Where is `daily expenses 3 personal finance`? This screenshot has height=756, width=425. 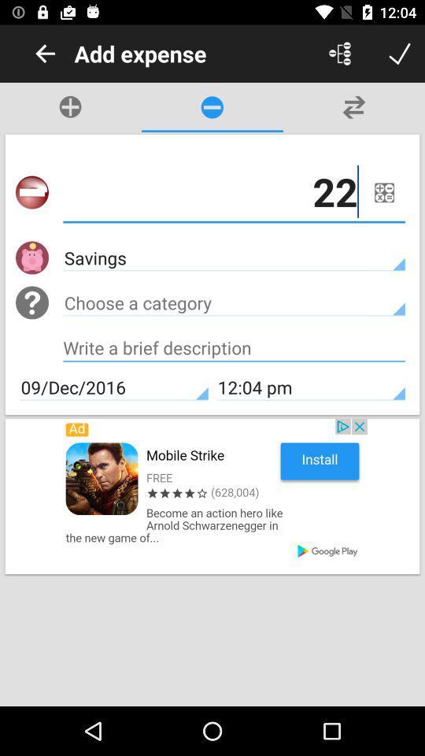
daily expenses 3 personal finance is located at coordinates (400, 54).